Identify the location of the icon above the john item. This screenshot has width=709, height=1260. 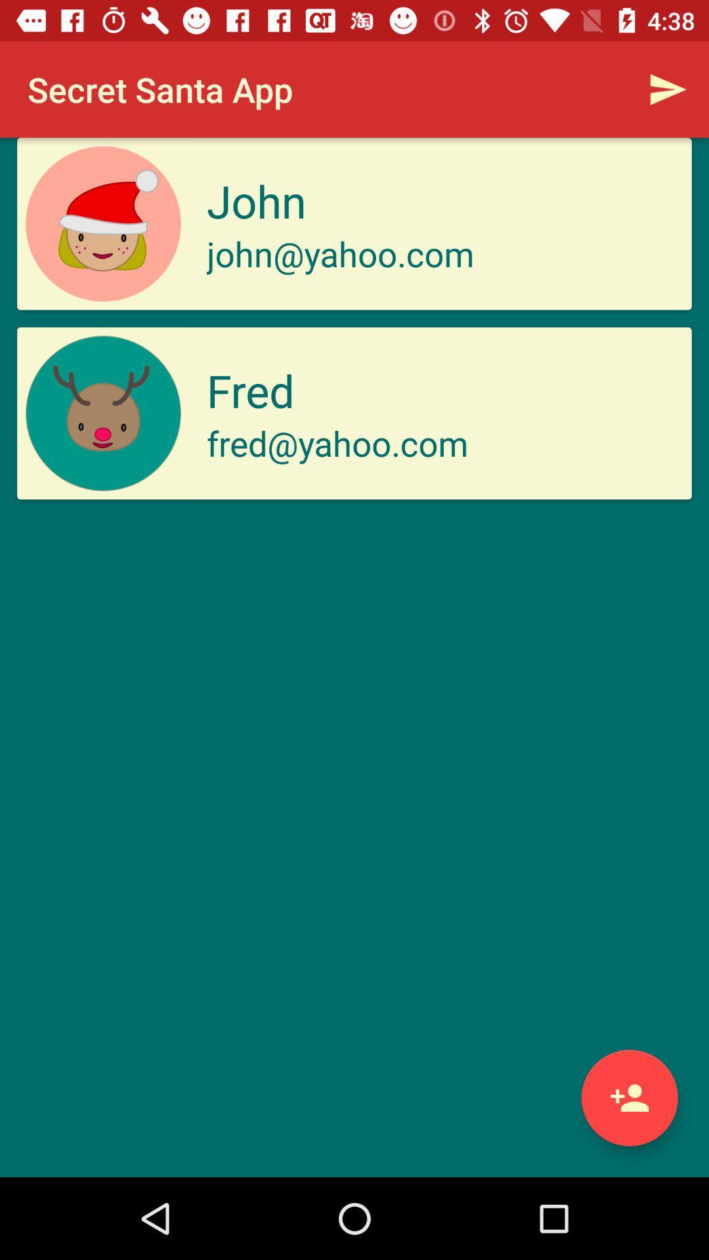
(668, 89).